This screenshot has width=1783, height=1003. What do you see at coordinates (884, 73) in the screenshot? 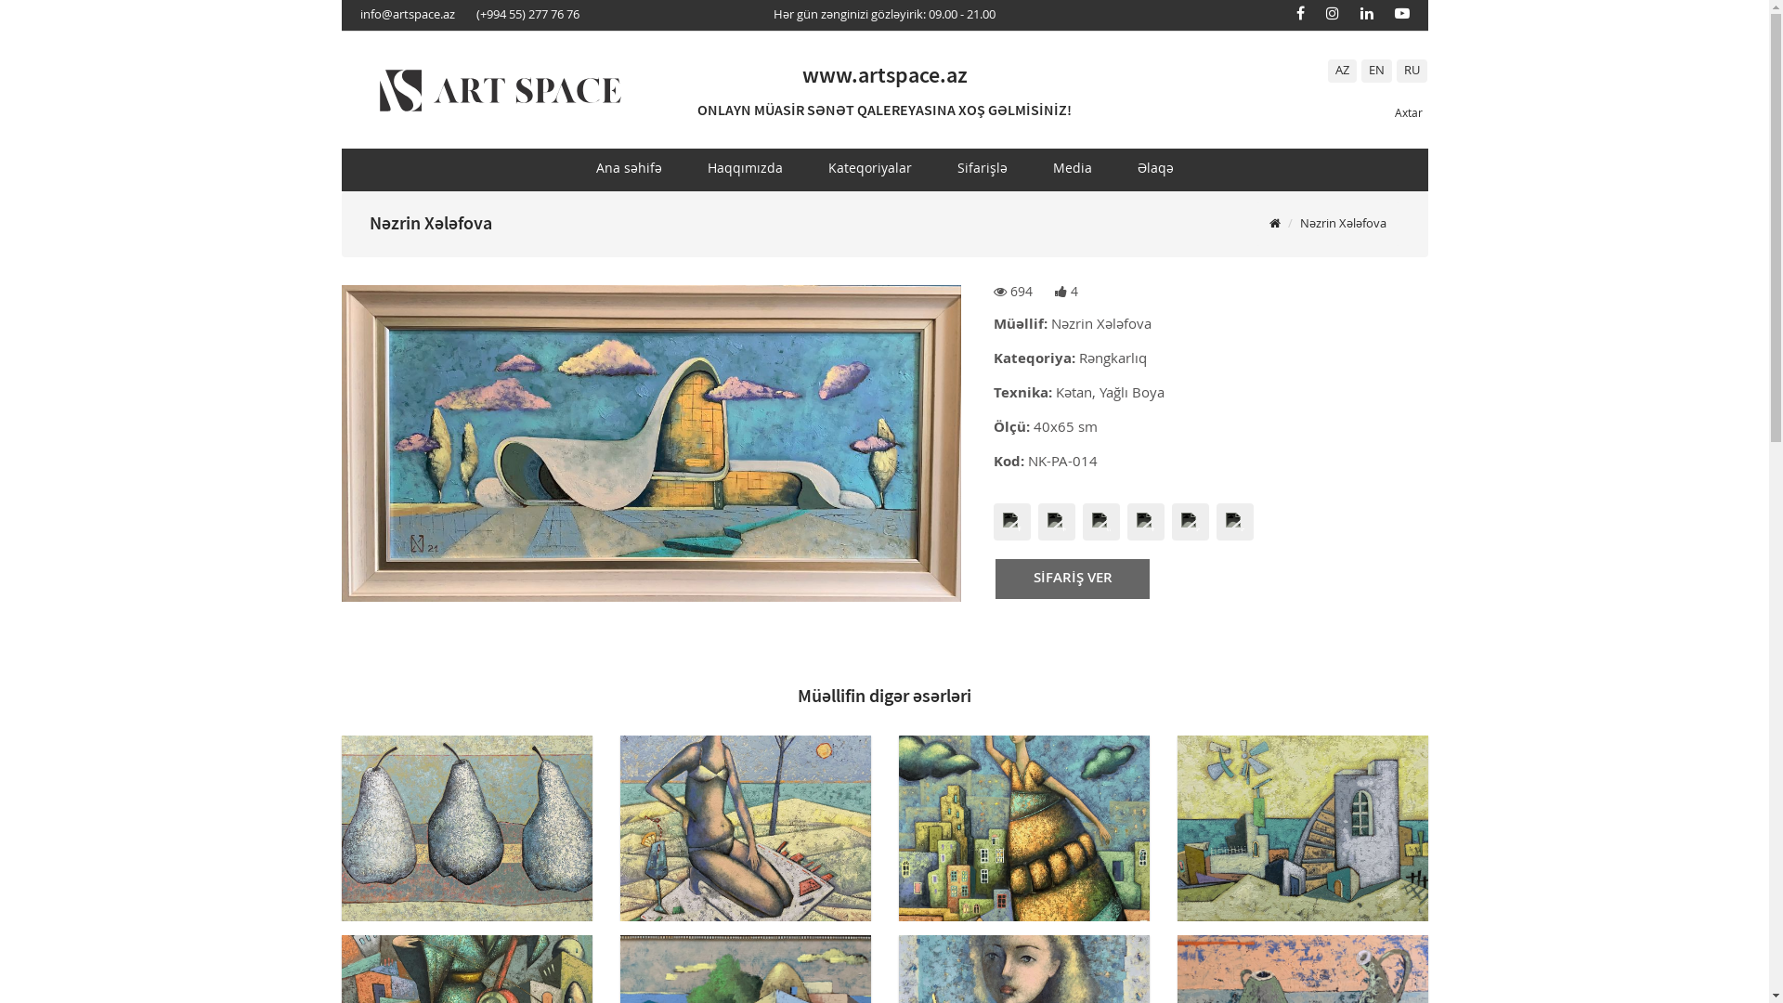
I see `'www.artspace.az'` at bounding box center [884, 73].